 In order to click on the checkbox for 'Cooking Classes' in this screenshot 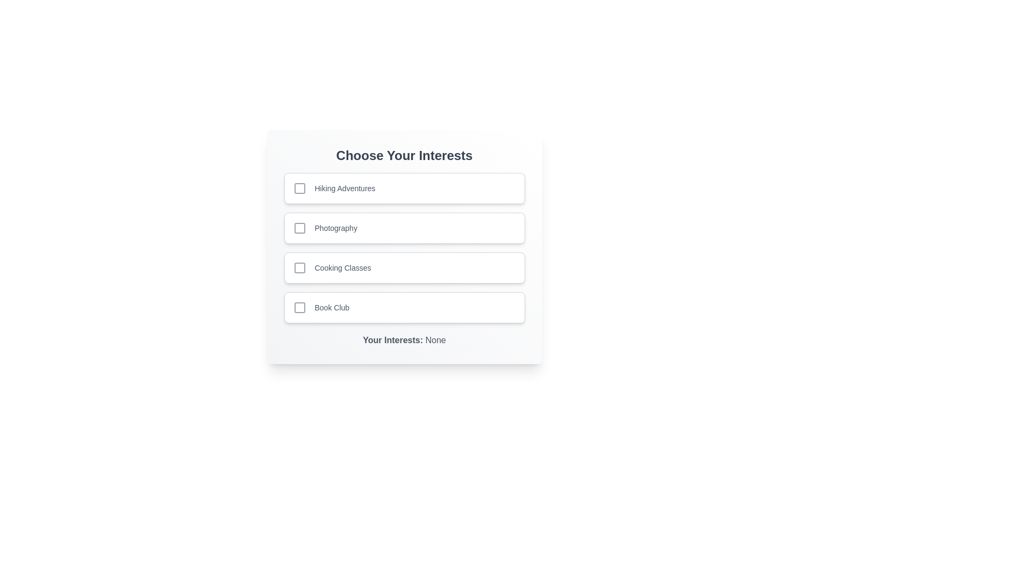, I will do `click(299, 267)`.